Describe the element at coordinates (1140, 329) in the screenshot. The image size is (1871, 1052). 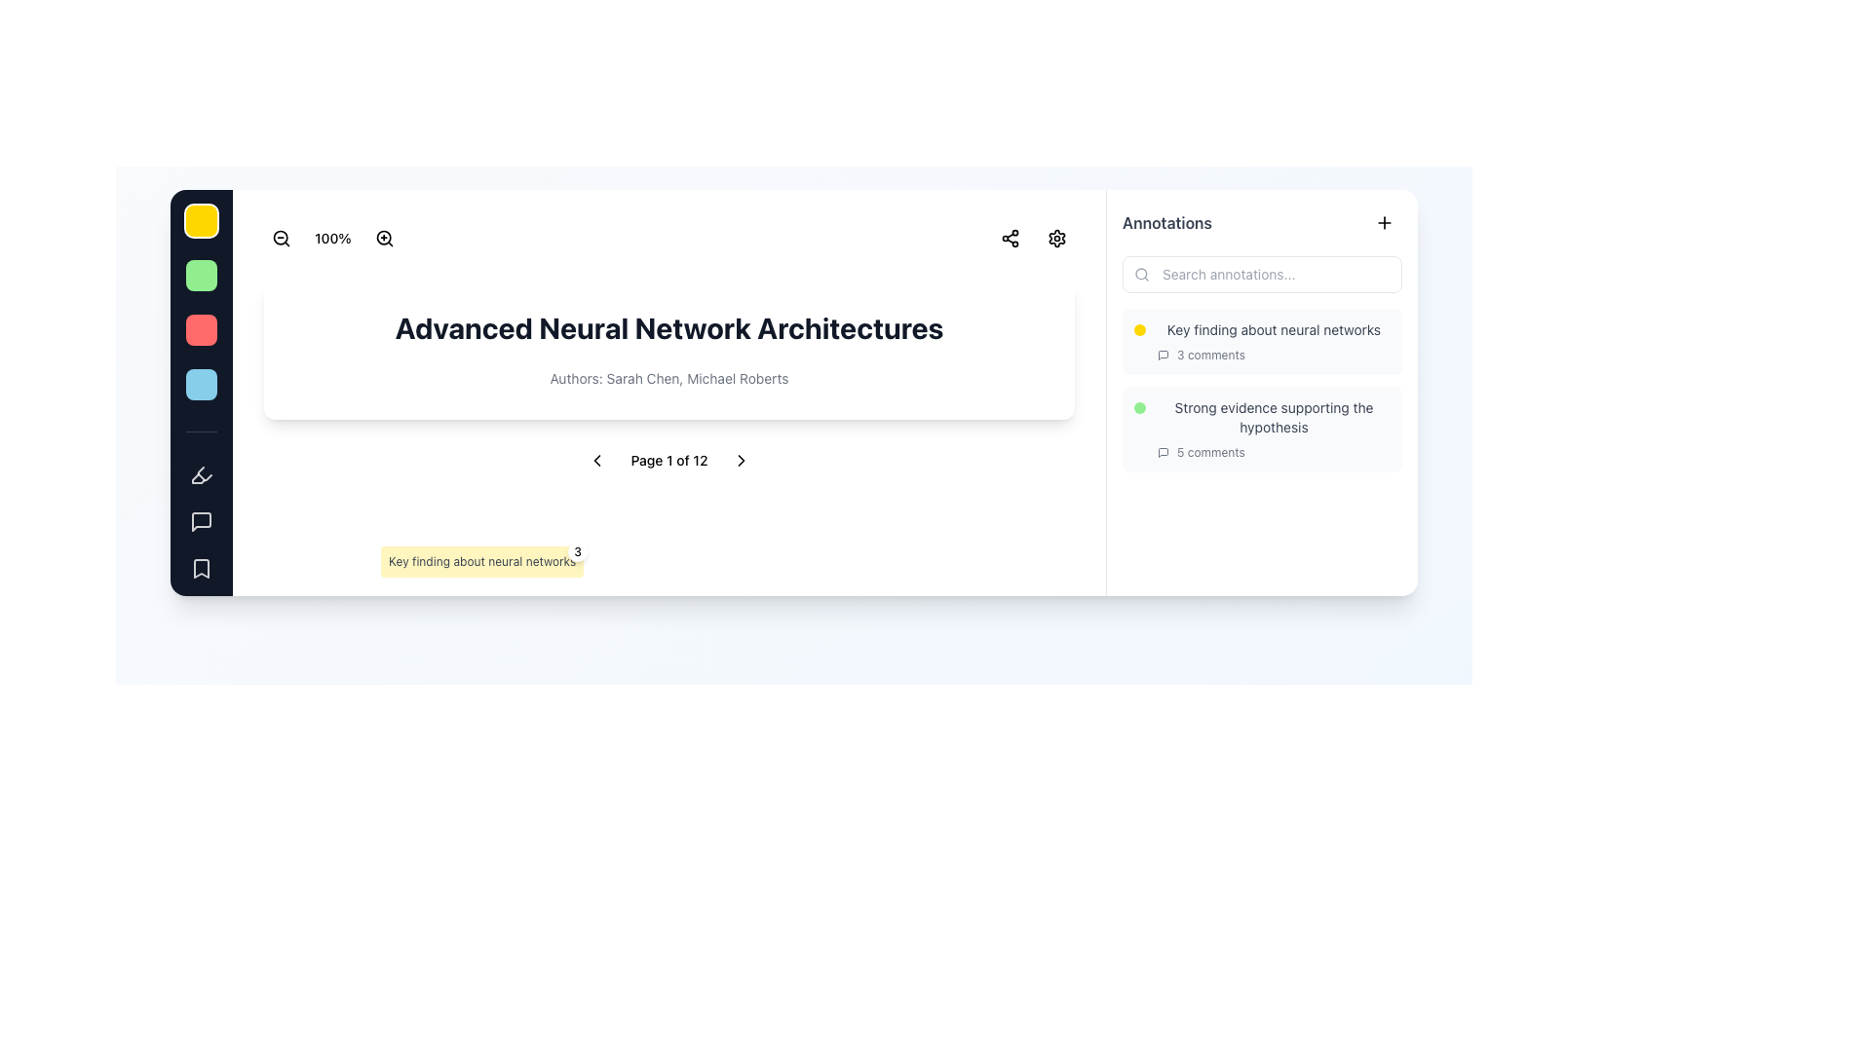
I see `the small circular golden yellow indicator located to the left of the text 'Key finding about neural networks' in the annotations list` at that location.